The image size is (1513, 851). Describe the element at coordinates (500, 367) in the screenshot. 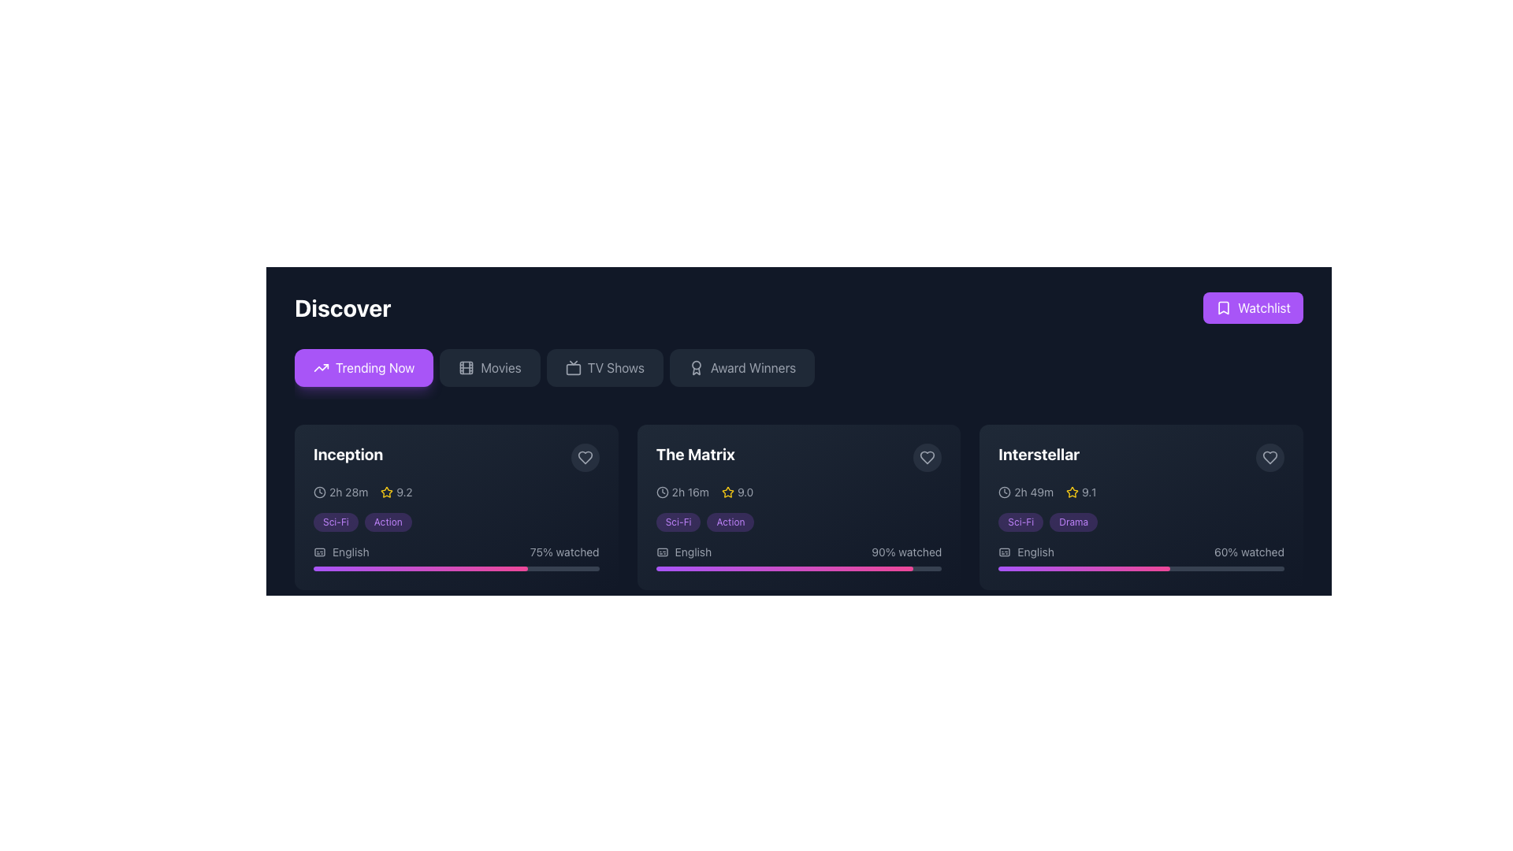

I see `the 'Movies' text label, which is styled in light gray within a dark-themed navigation bar` at that location.